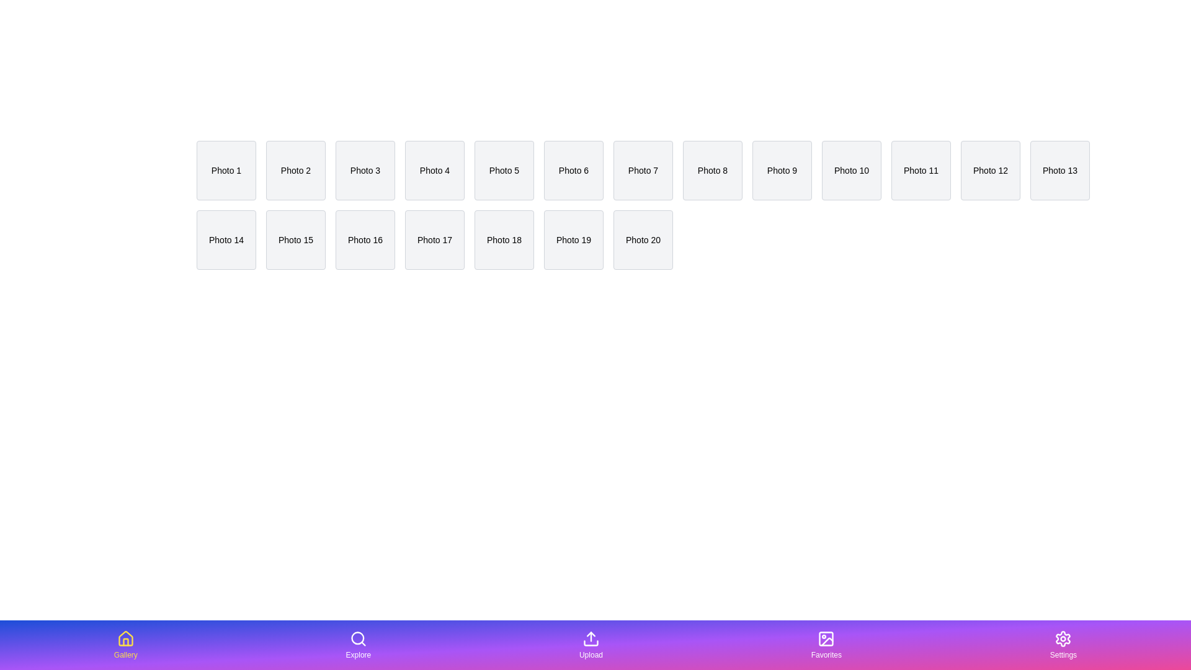 The width and height of the screenshot is (1191, 670). What do you see at coordinates (591, 645) in the screenshot?
I see `the tab labeled Upload in the bottom navigation bar` at bounding box center [591, 645].